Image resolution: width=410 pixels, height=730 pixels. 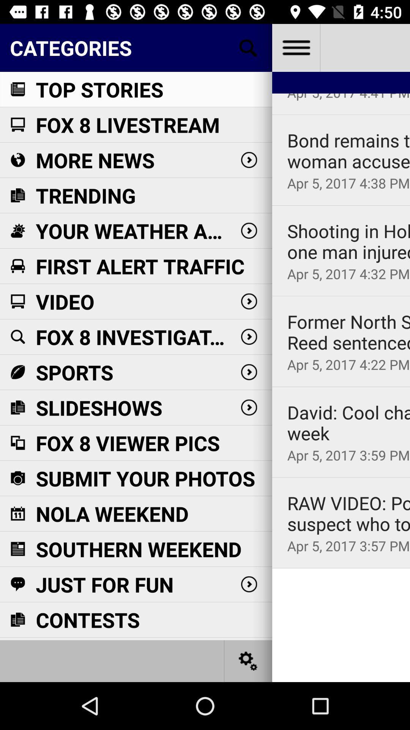 I want to click on settings, so click(x=248, y=660).